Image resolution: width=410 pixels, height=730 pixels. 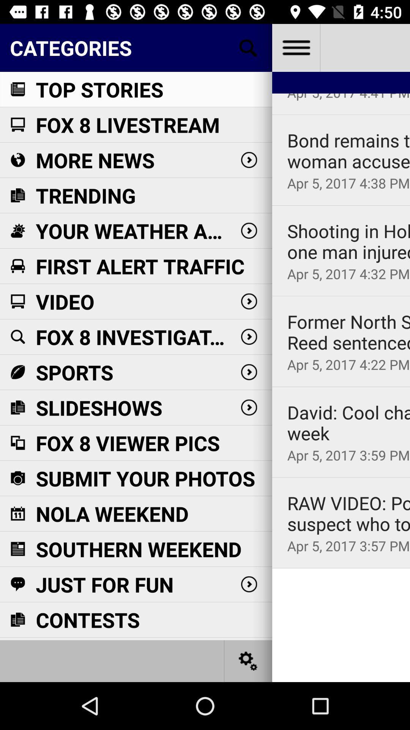 I want to click on settings, so click(x=248, y=660).